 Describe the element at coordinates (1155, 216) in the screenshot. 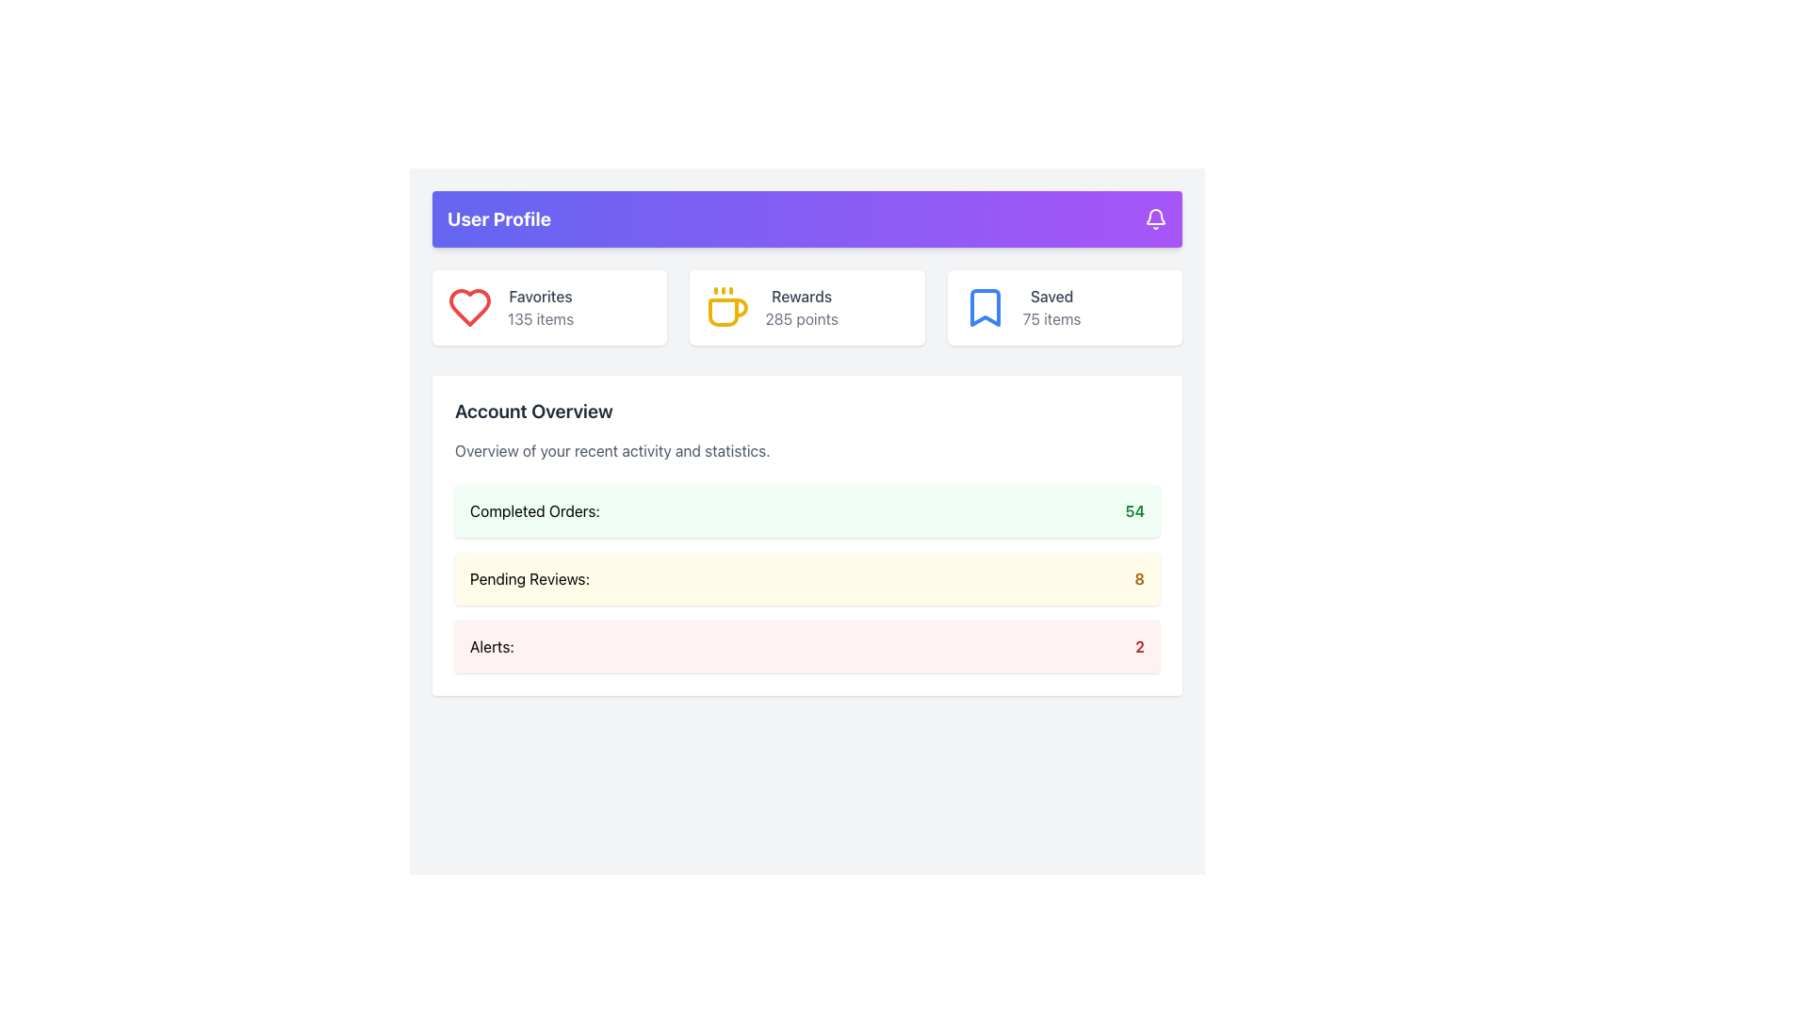

I see `the bell-shaped notification icon located in the top-right corner of the user interface header` at that location.